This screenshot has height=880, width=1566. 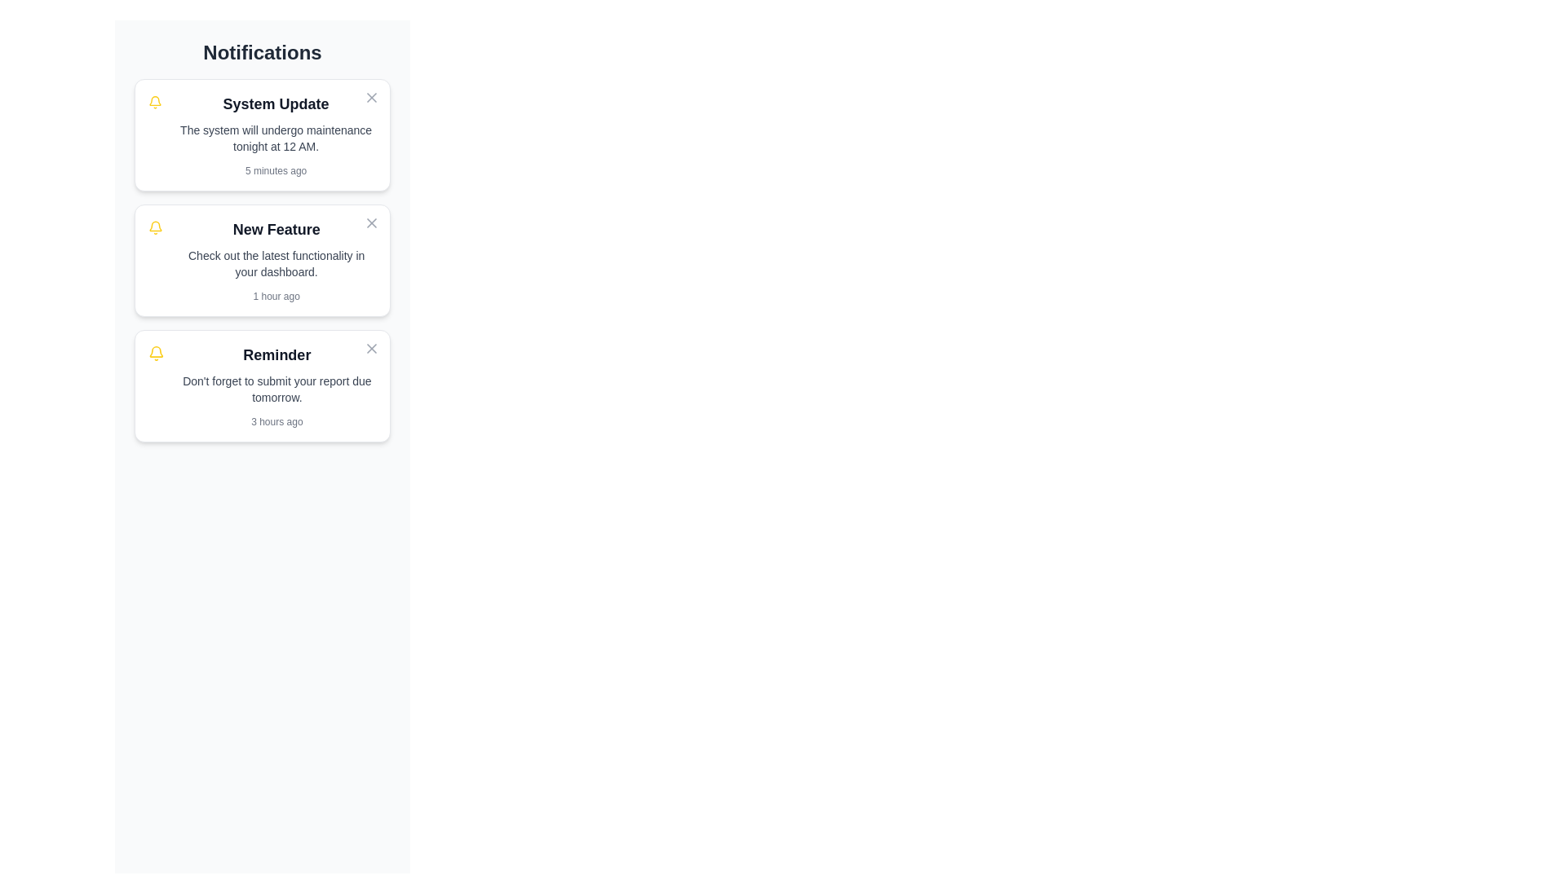 What do you see at coordinates (276, 229) in the screenshot?
I see `the 'New Feature' text label, which is a bold, dark font component at the top of its notification card, positioned above additional descriptive text` at bounding box center [276, 229].